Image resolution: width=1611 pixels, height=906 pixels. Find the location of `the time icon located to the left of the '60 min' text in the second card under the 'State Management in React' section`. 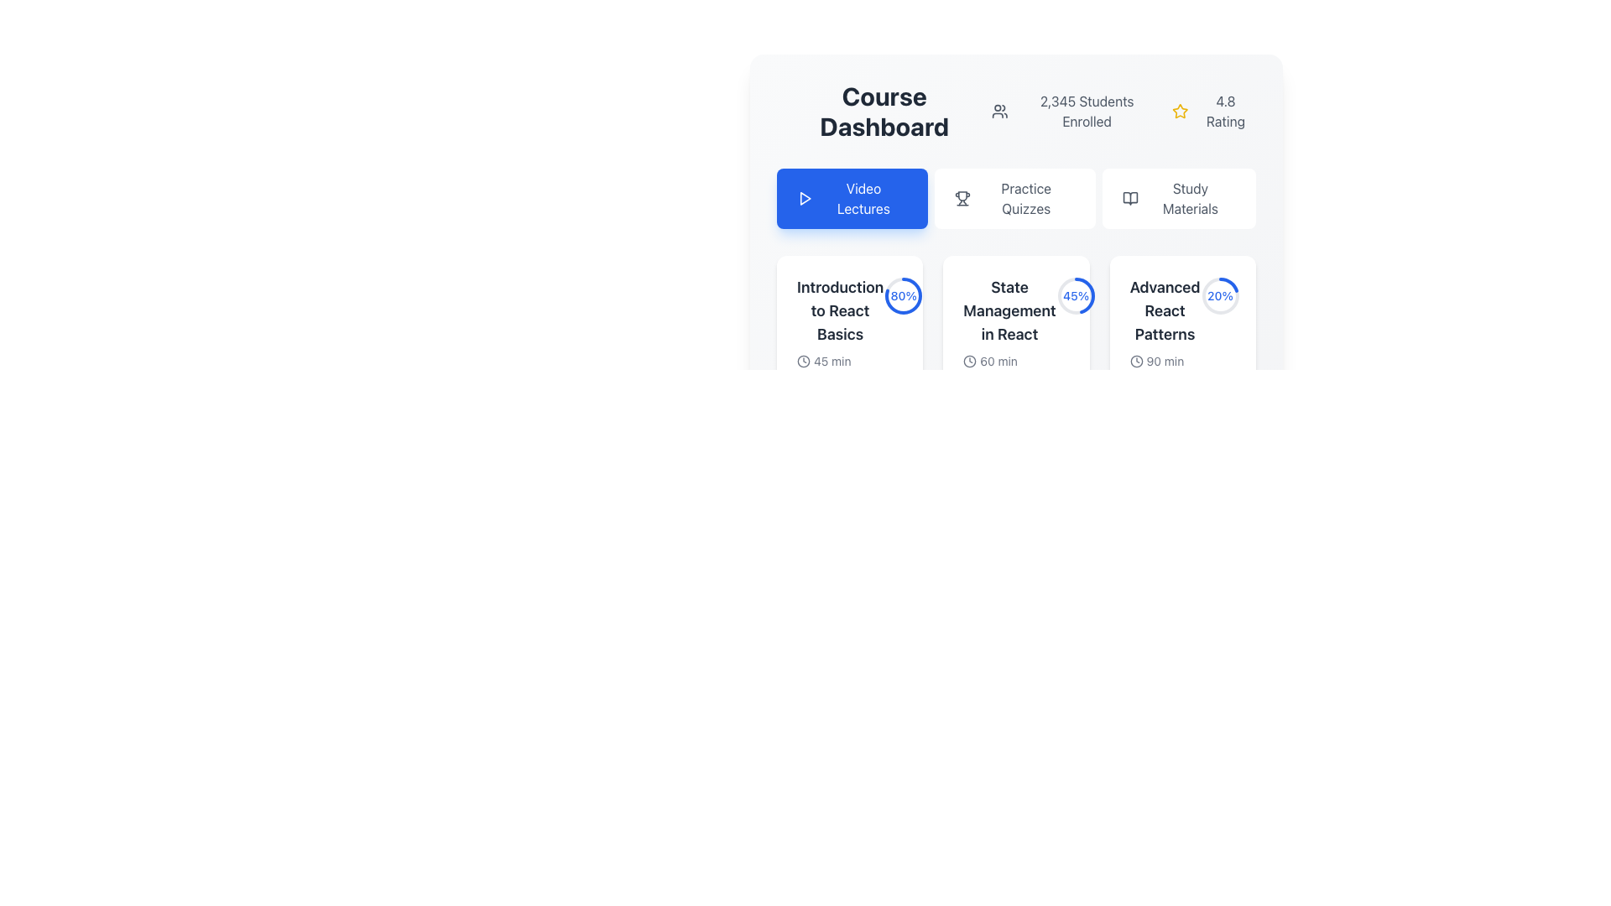

the time icon located to the left of the '60 min' text in the second card under the 'State Management in React' section is located at coordinates (970, 361).